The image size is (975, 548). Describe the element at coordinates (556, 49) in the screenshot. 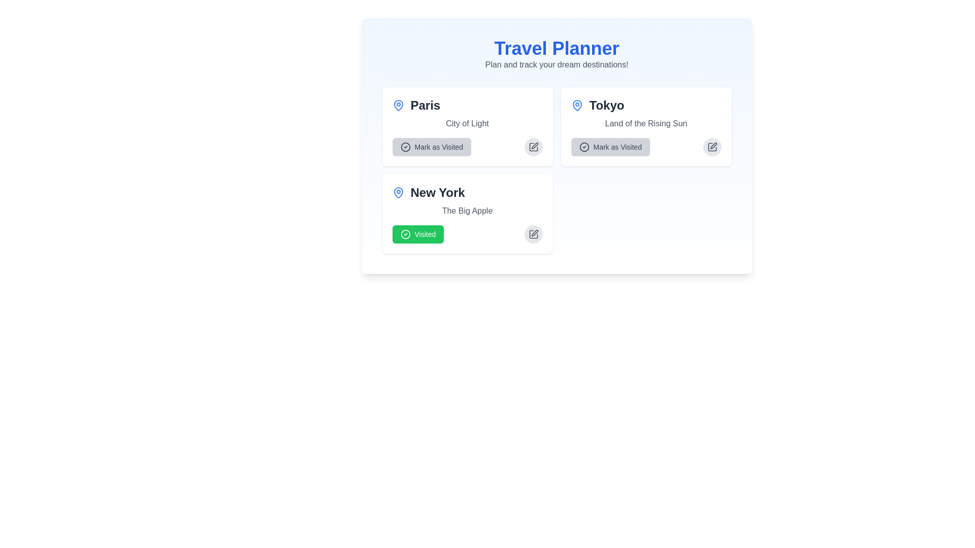

I see `the text label displaying 'Travel Planner' in a large, bold, deep blue font, prominently located at the top of the interface` at that location.